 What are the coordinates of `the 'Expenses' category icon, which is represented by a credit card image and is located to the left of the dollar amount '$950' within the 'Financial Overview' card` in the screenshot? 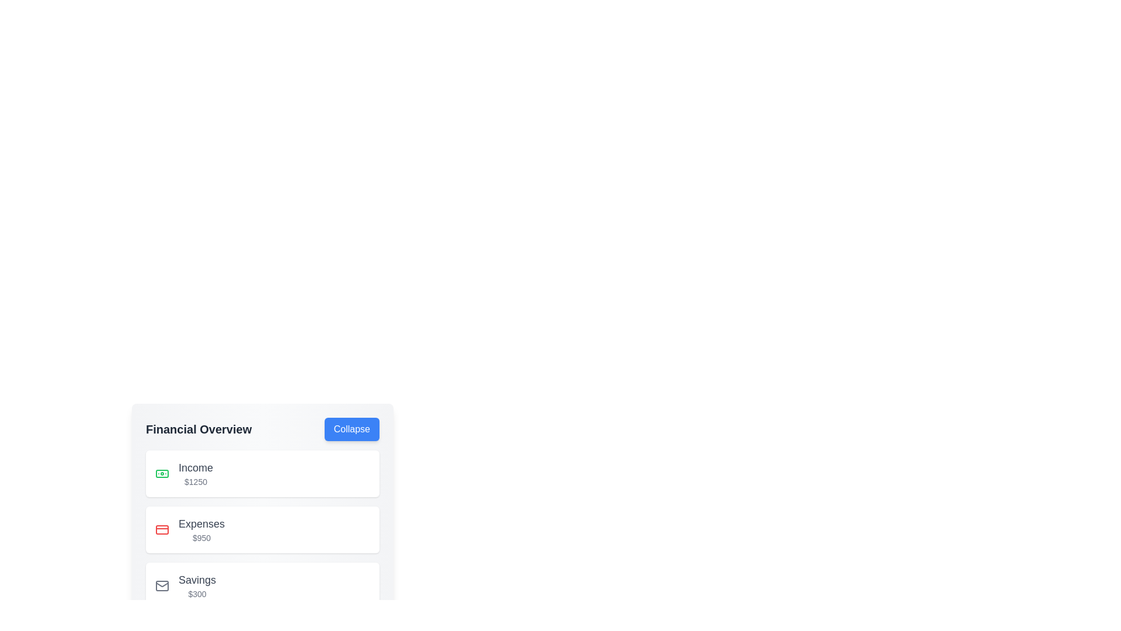 It's located at (162, 529).